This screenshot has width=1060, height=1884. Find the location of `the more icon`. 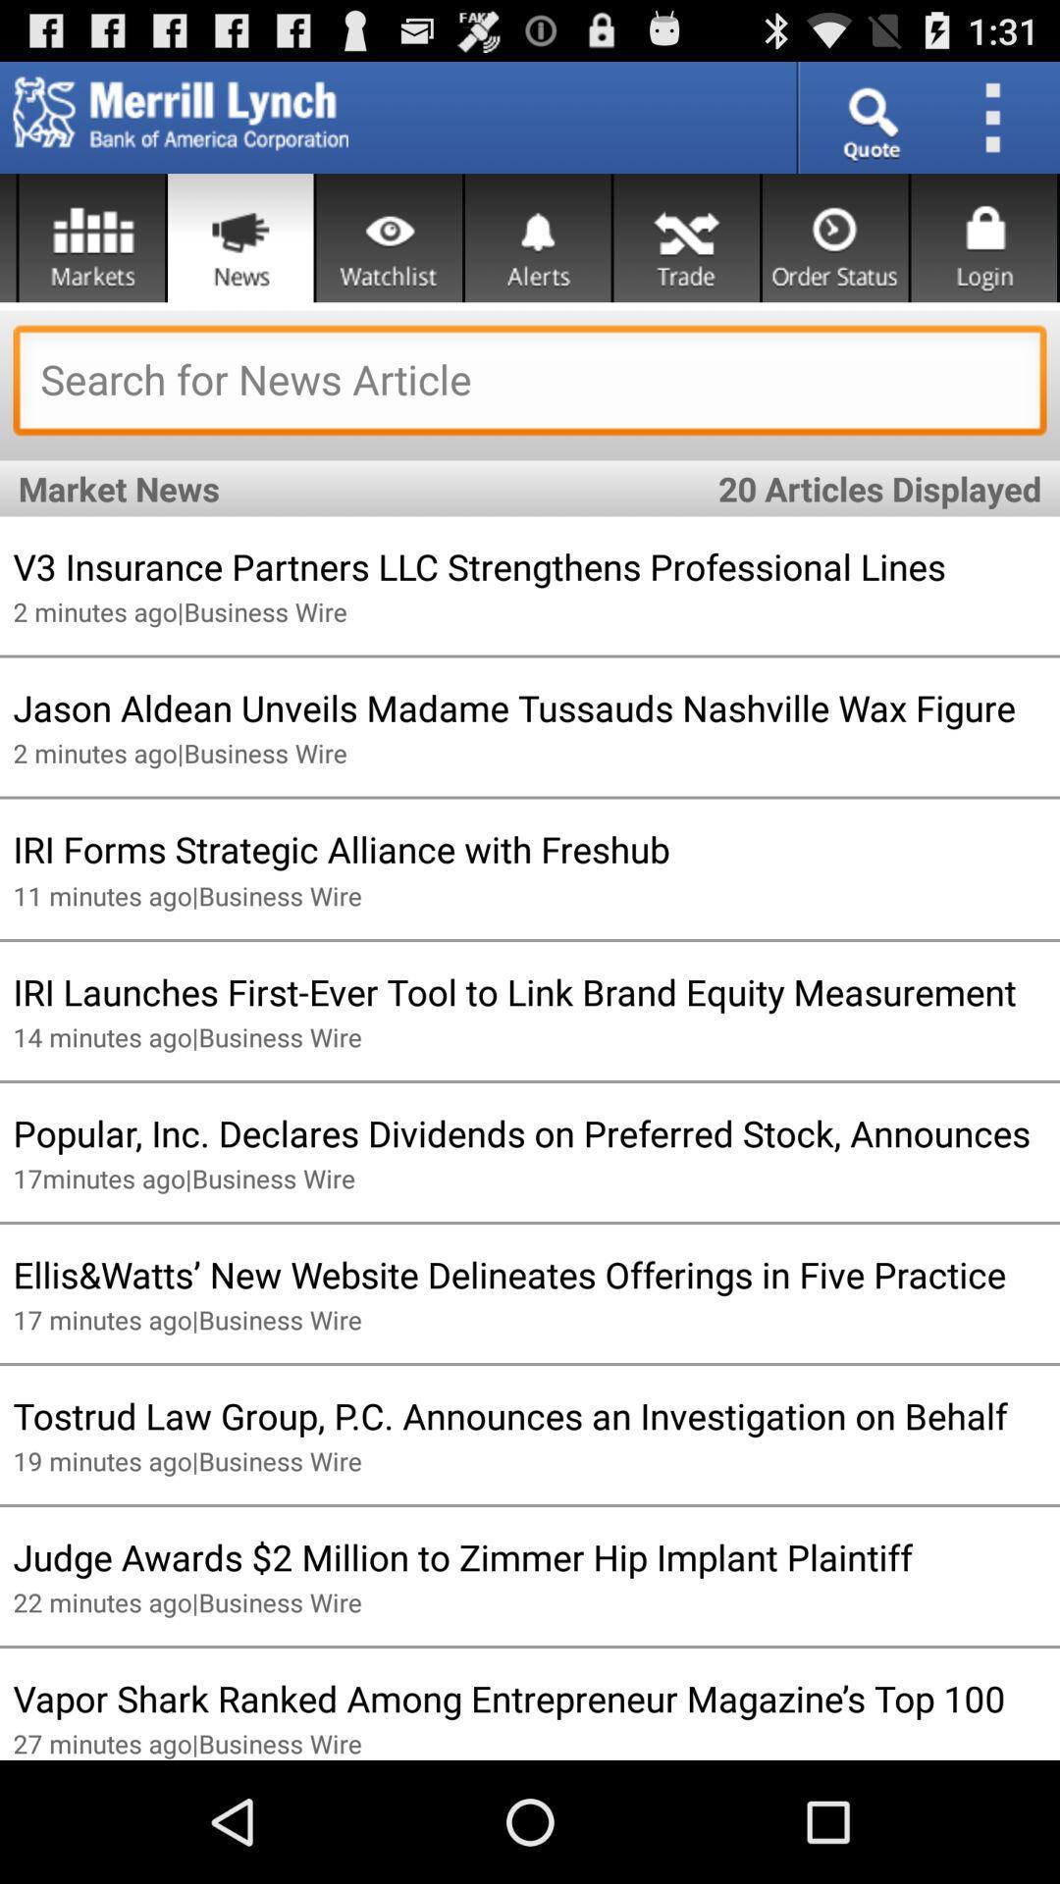

the more icon is located at coordinates (999, 125).